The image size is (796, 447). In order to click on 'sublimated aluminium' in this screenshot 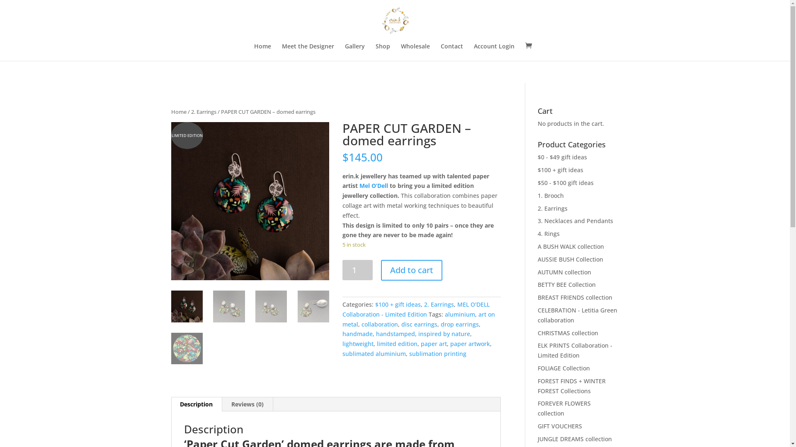, I will do `click(374, 353)`.